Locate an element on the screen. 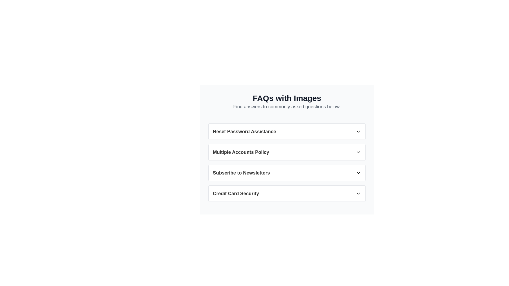  keyboard navigation is located at coordinates (287, 152).